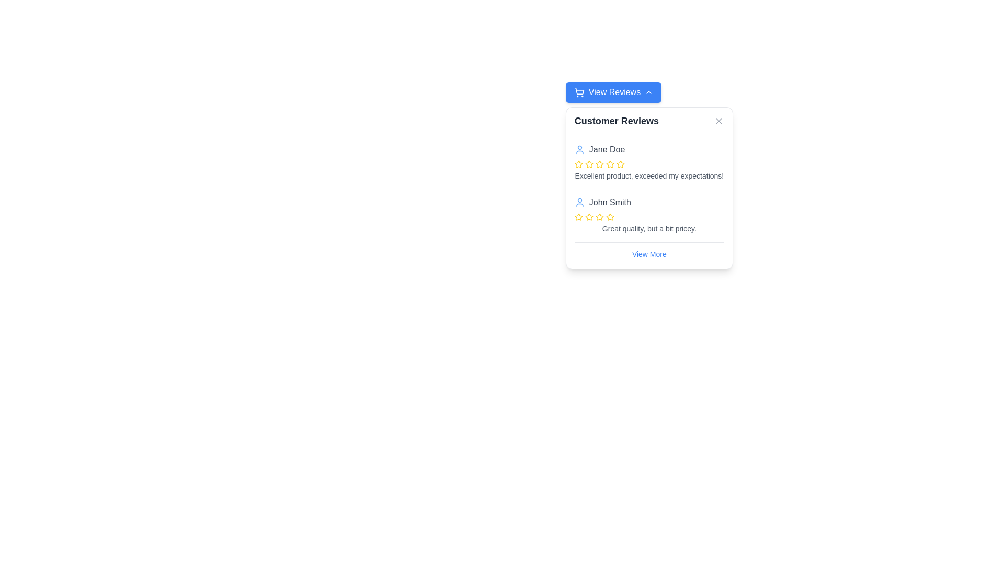 This screenshot has width=1004, height=564. What do you see at coordinates (578, 216) in the screenshot?
I see `the fifth star icon in the 'Customer Reviews' section` at bounding box center [578, 216].